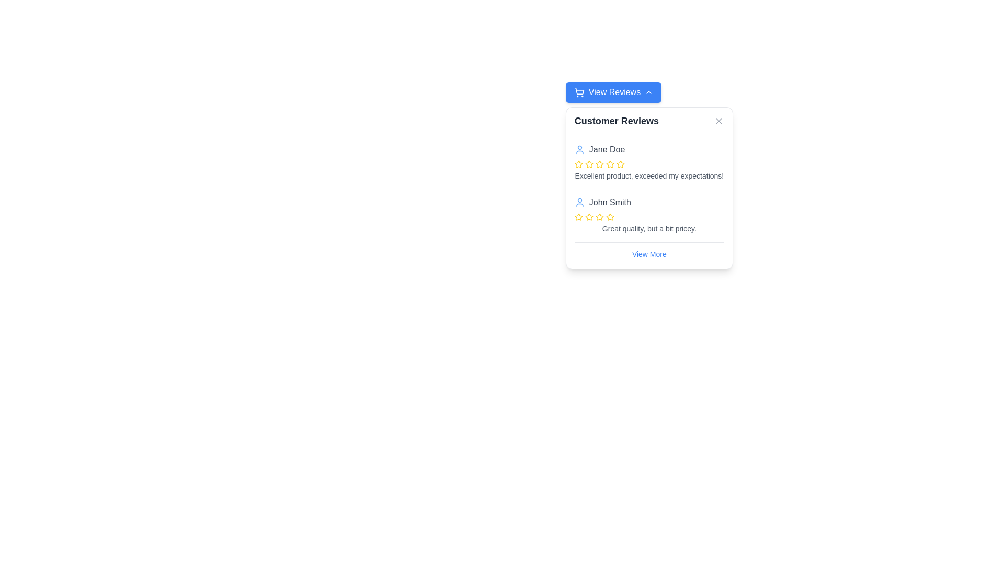 This screenshot has width=1004, height=564. What do you see at coordinates (578, 216) in the screenshot?
I see `the fifth star icon in the 'Customer Reviews' section` at bounding box center [578, 216].